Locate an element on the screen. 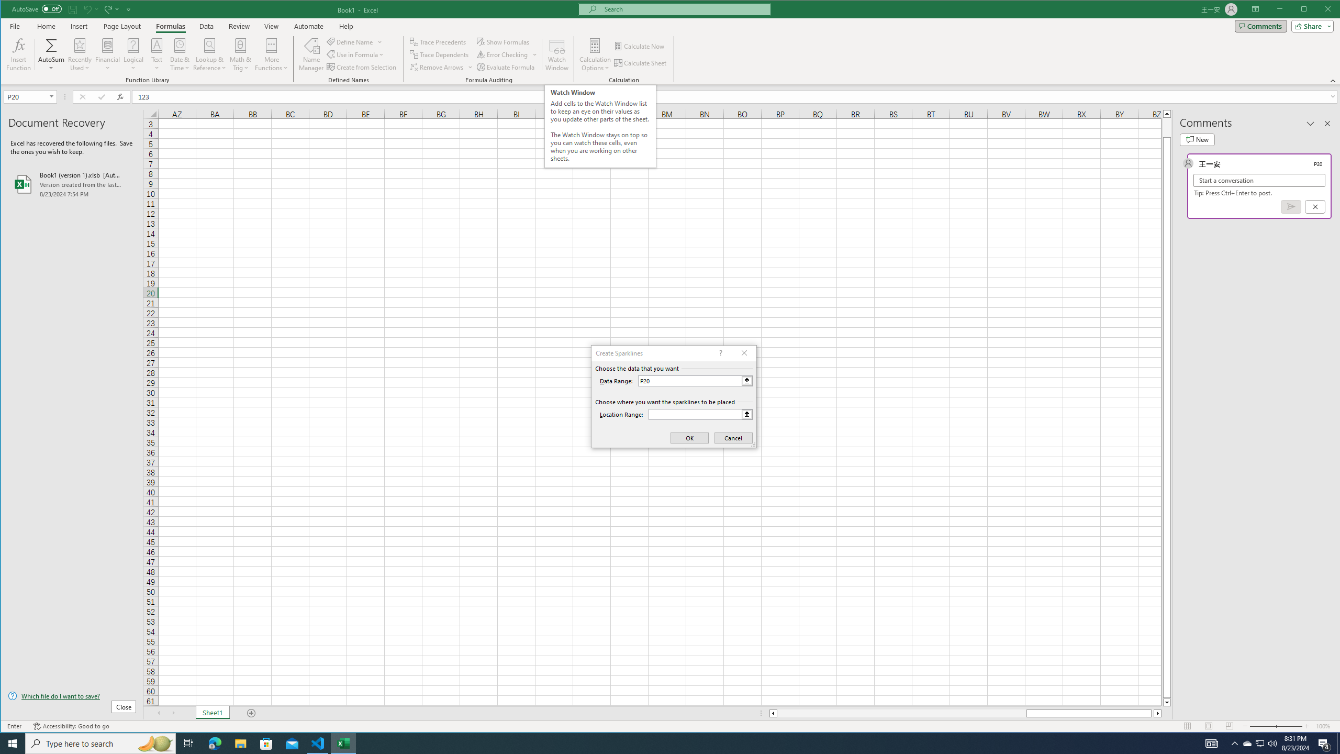 This screenshot has height=754, width=1340. 'Sum' is located at coordinates (51, 45).